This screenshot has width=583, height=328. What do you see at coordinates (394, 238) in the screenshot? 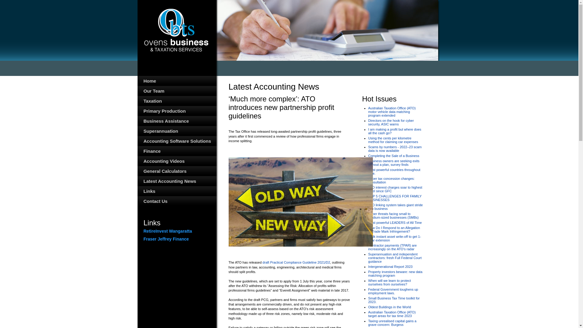
I see `'$20k instant asset write-off to get 1-year extension'` at bounding box center [394, 238].